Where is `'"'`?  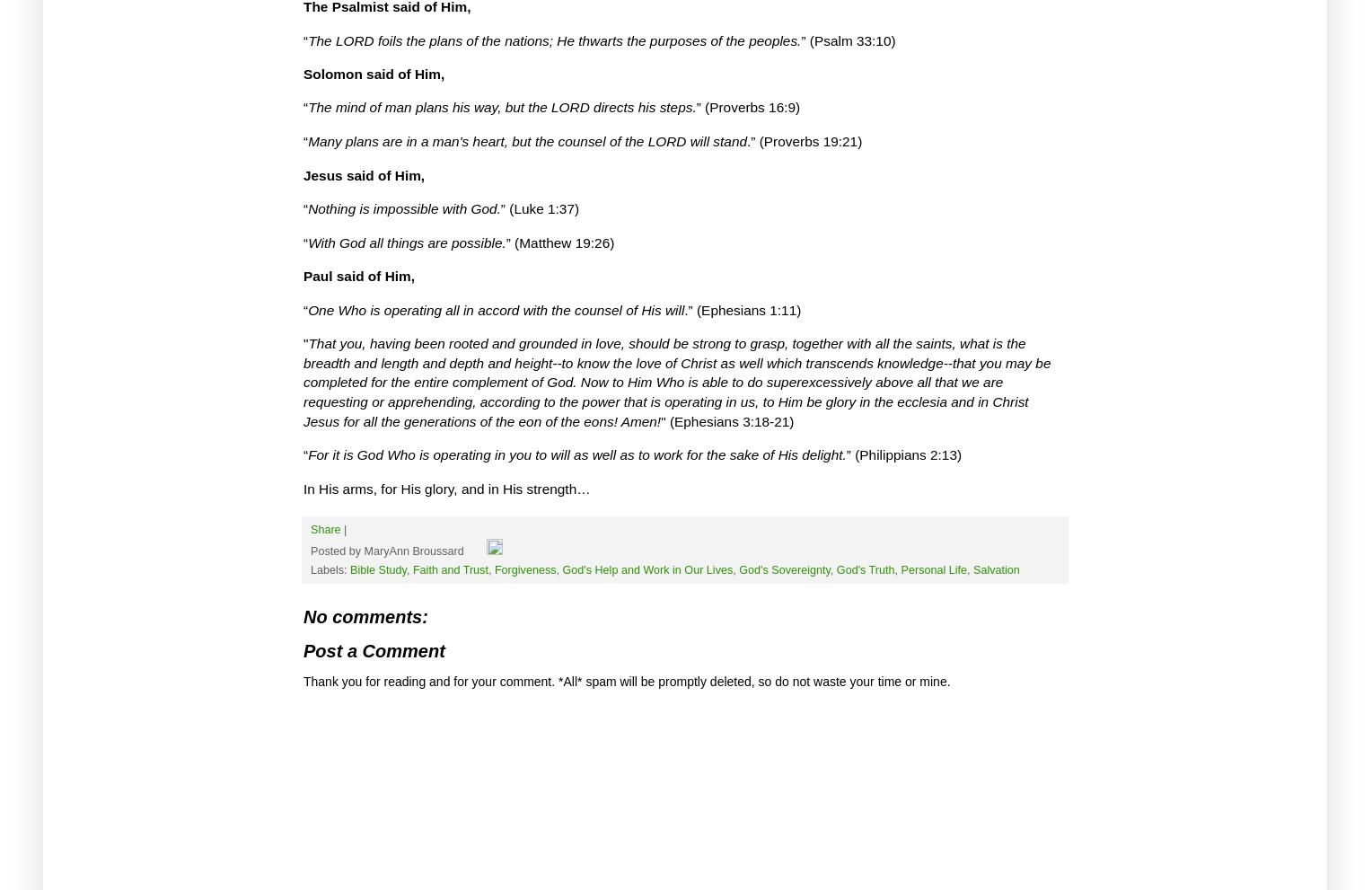 '"' is located at coordinates (304, 342).